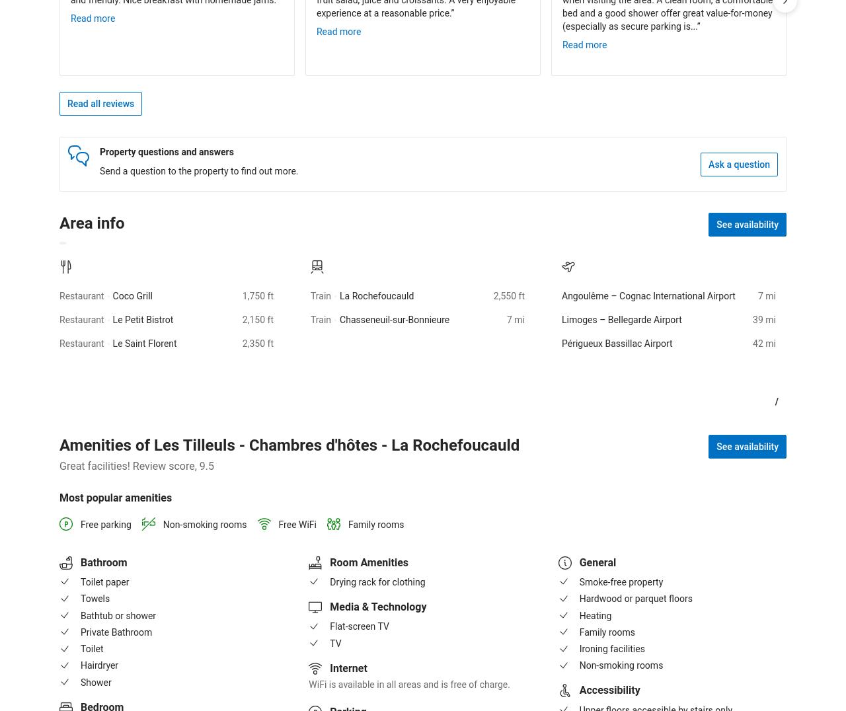 The width and height of the screenshot is (846, 711). Describe the element at coordinates (348, 667) in the screenshot. I see `'Internet'` at that location.